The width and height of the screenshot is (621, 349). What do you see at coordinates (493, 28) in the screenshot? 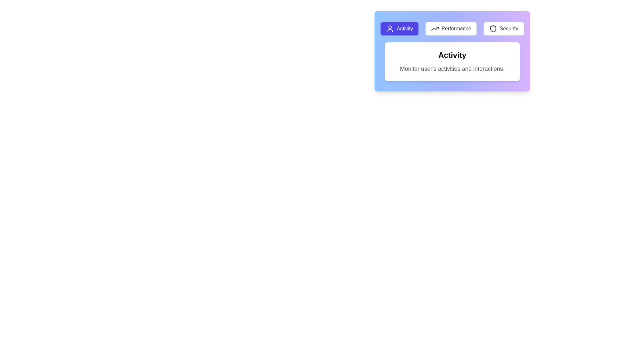
I see `the shield icon located at the top-right corner of the interface, next to the 'Security' button` at bounding box center [493, 28].